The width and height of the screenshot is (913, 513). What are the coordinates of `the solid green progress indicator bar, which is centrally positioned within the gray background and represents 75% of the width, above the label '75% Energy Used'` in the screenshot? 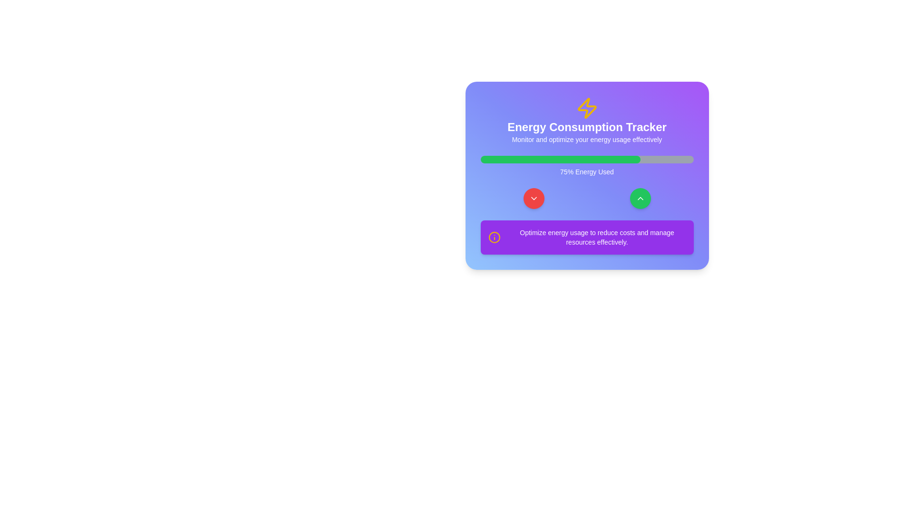 It's located at (560, 159).